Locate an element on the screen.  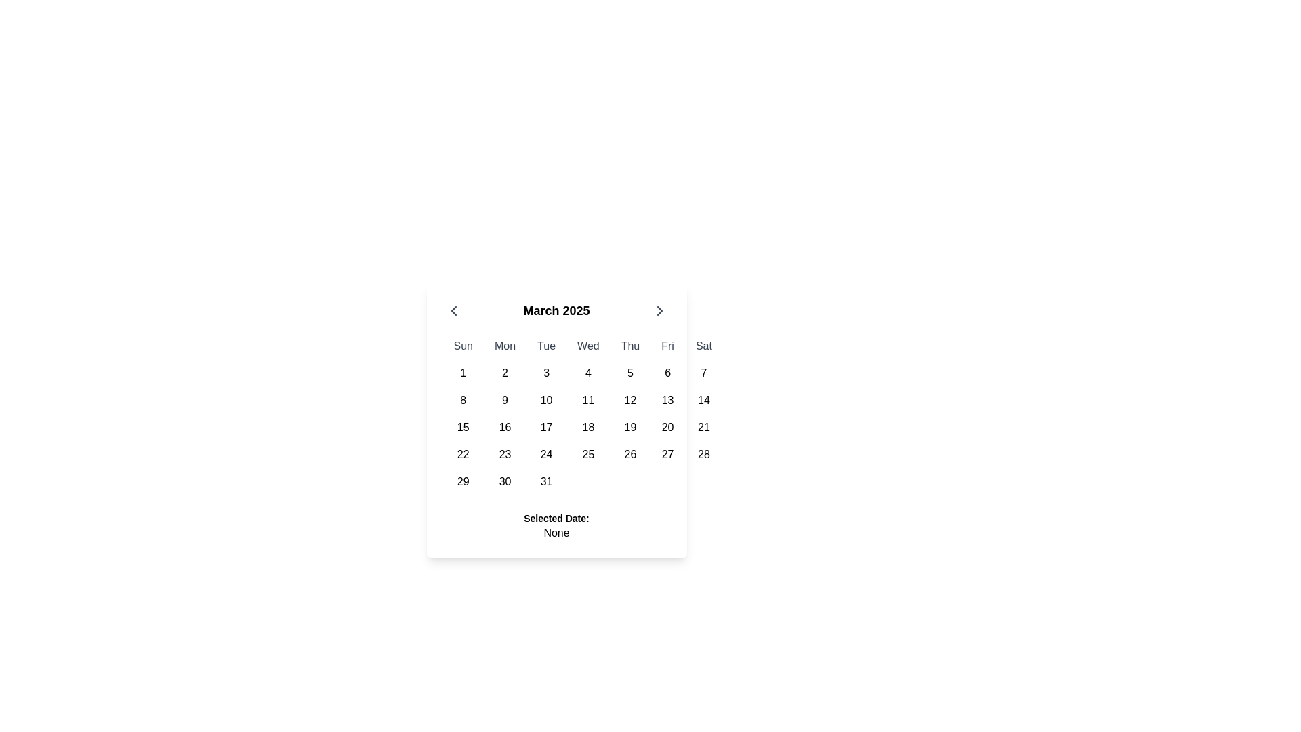
the 'previous' button located on the left side of the calendar header is located at coordinates (453, 311).